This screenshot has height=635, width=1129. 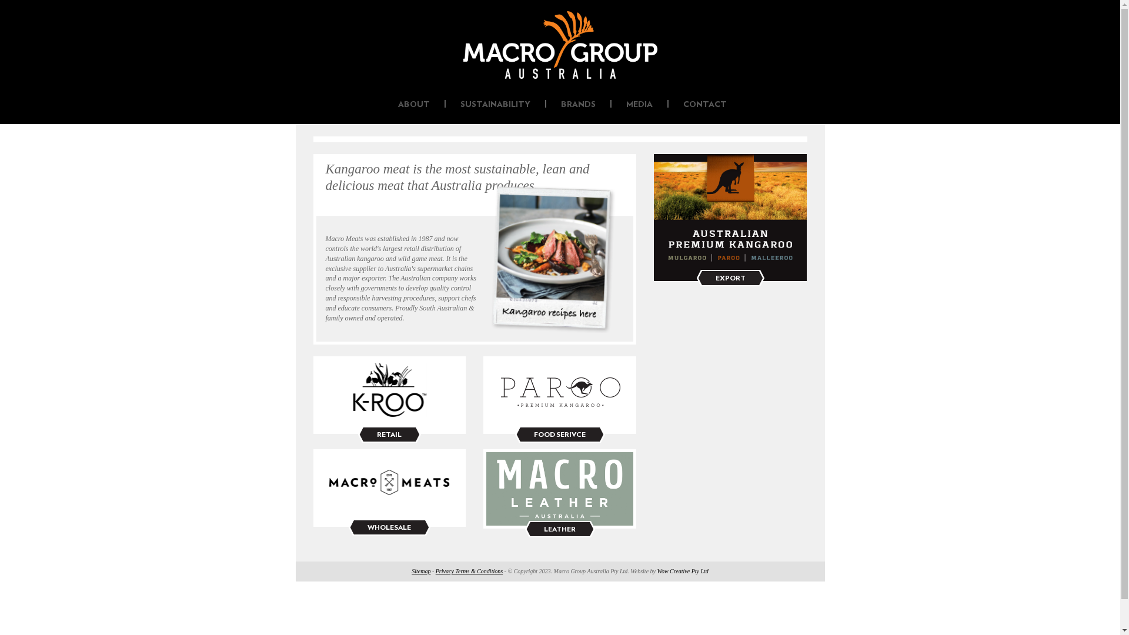 What do you see at coordinates (462, 44) in the screenshot?
I see `'Macro Group Australia'` at bounding box center [462, 44].